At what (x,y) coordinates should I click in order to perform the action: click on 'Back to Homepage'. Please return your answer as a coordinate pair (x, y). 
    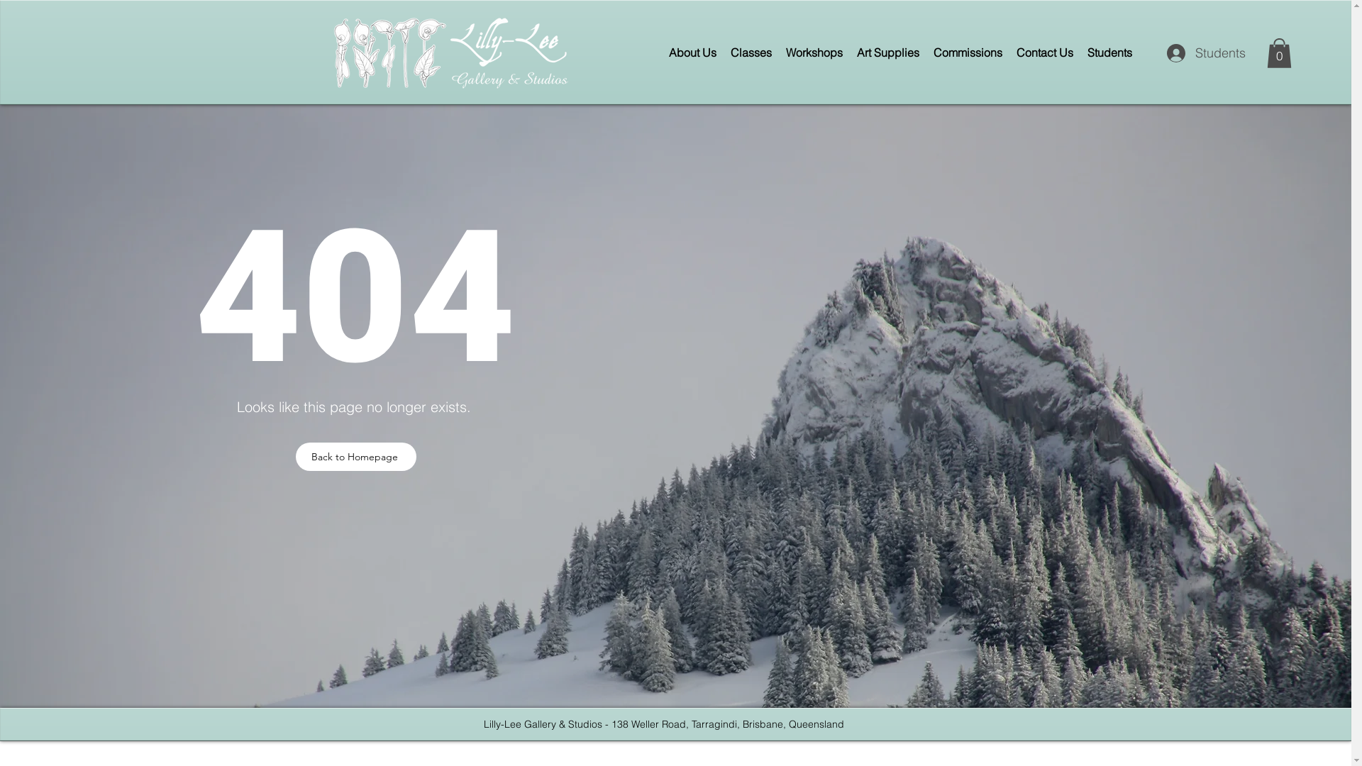
    Looking at the image, I should click on (356, 457).